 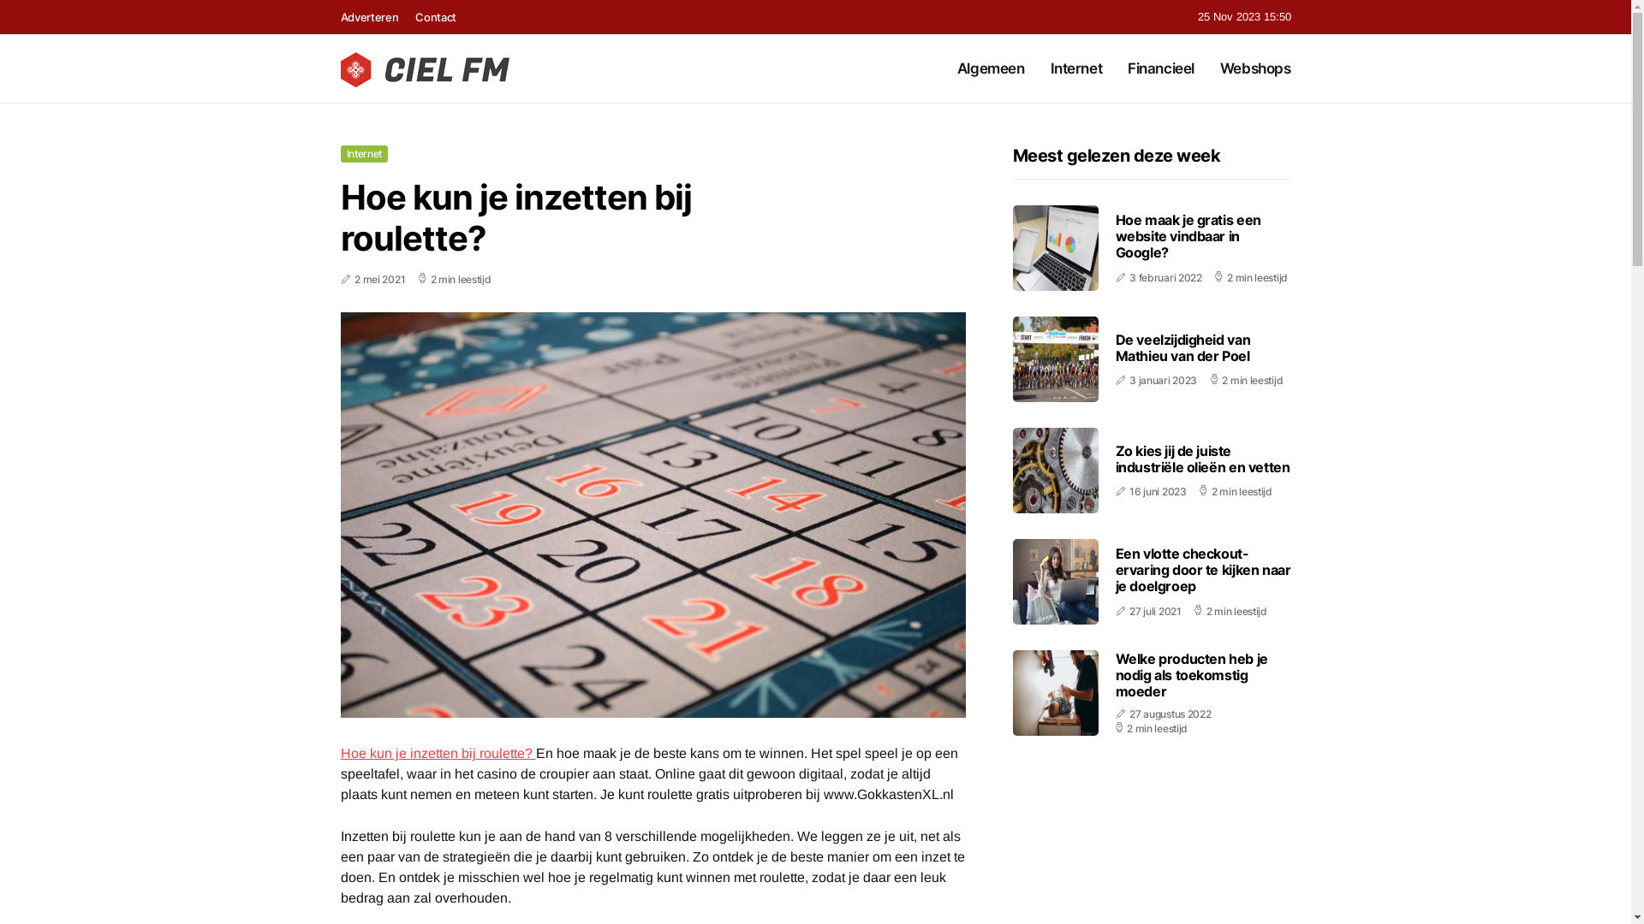 I want to click on 'Contact', so click(x=435, y=16).